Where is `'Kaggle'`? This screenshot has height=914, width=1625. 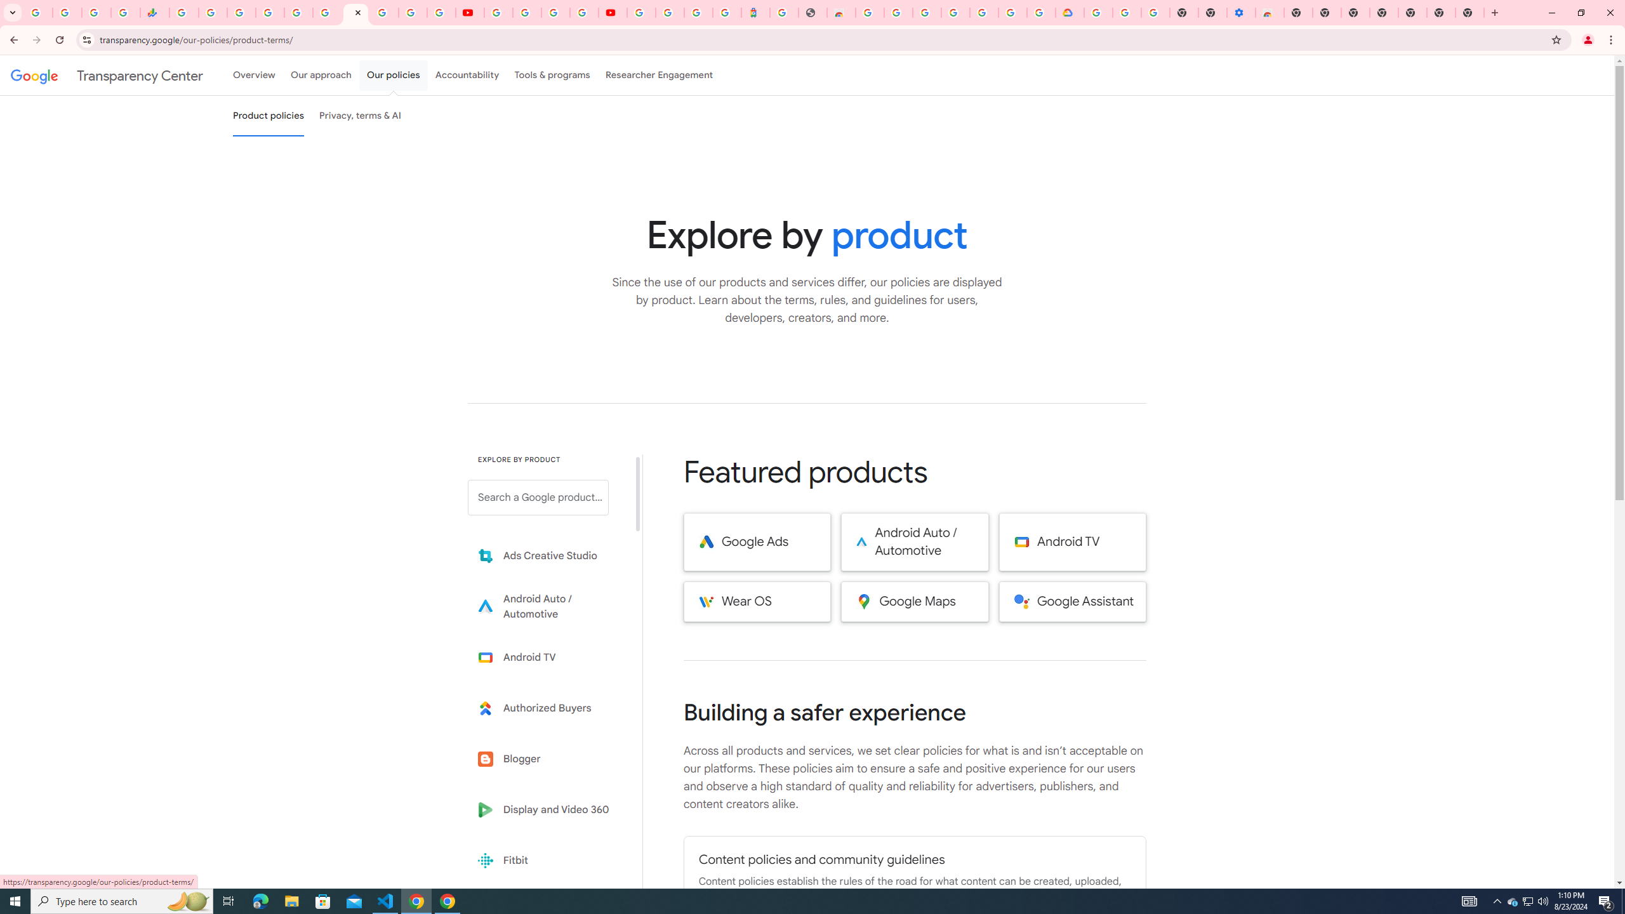 'Kaggle' is located at coordinates (547, 911).